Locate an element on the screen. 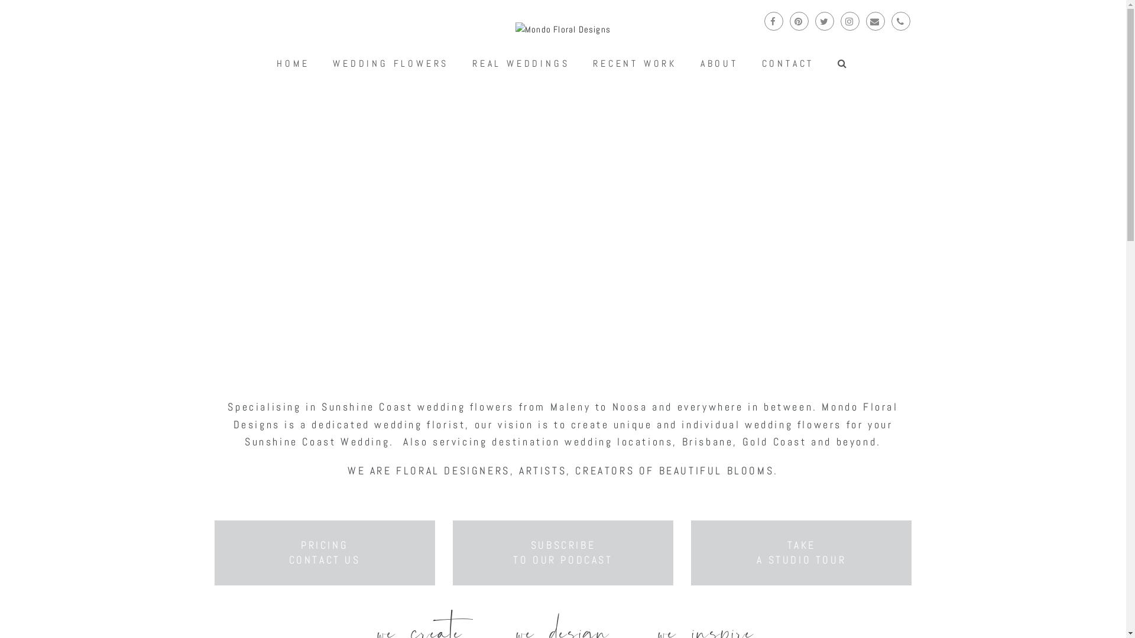 Image resolution: width=1135 pixels, height=638 pixels. 'Phone' is located at coordinates (900, 21).